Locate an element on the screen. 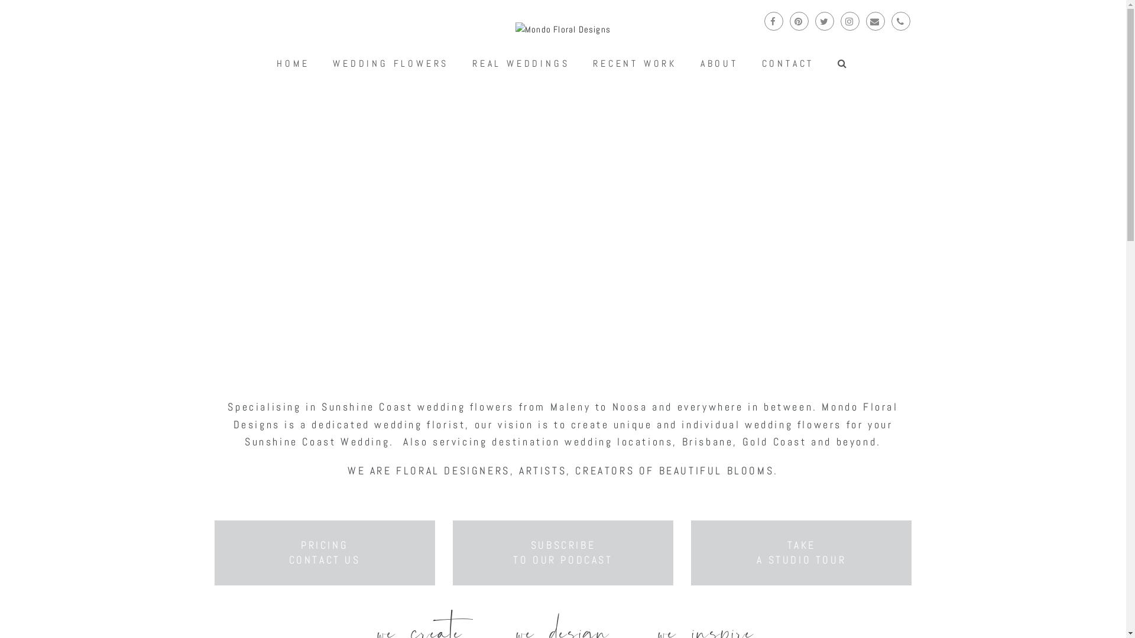 Image resolution: width=1135 pixels, height=638 pixels. 'Phone' is located at coordinates (900, 21).